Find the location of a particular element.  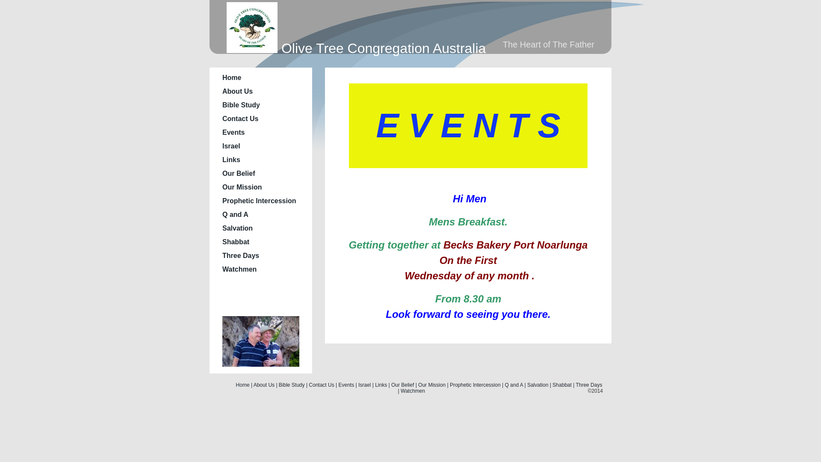

'Our Mission' is located at coordinates (242, 187).